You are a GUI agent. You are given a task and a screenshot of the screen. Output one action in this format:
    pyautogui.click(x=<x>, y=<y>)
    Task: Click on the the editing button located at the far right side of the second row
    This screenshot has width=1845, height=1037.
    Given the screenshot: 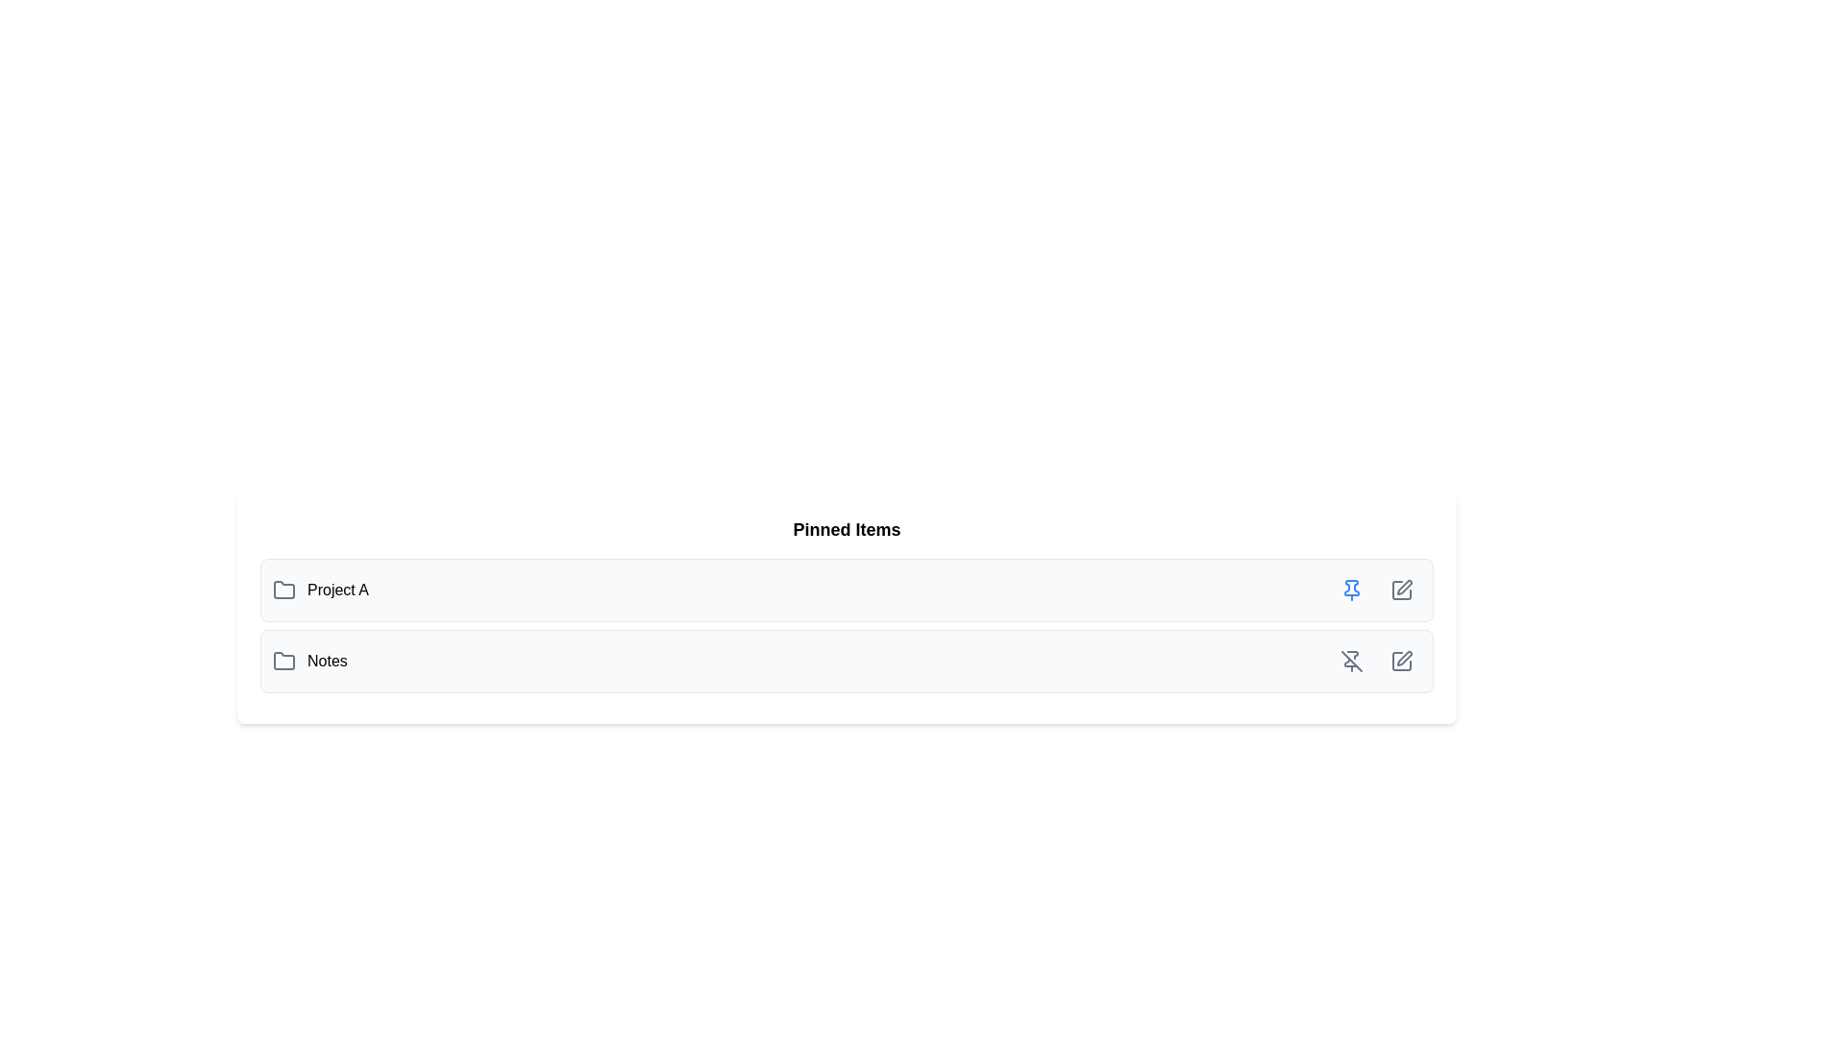 What is the action you would take?
    pyautogui.click(x=1402, y=661)
    